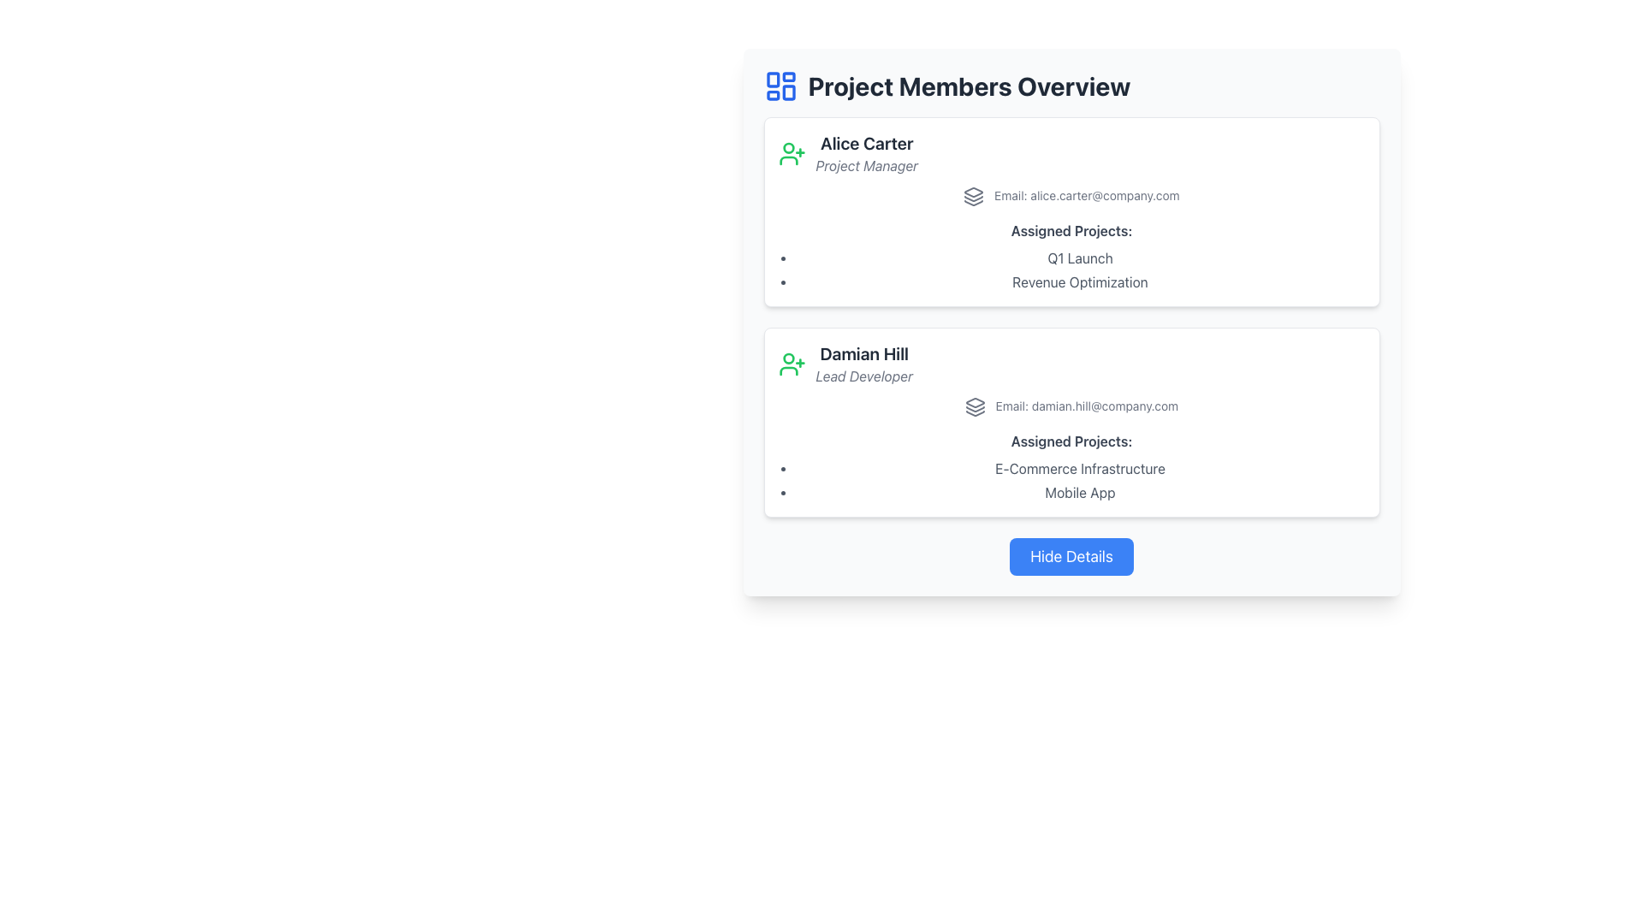 The width and height of the screenshot is (1643, 924). What do you see at coordinates (791, 363) in the screenshot?
I see `the green person icon with a plus sign located to the left of 'Damian Hill Lead Developer'` at bounding box center [791, 363].